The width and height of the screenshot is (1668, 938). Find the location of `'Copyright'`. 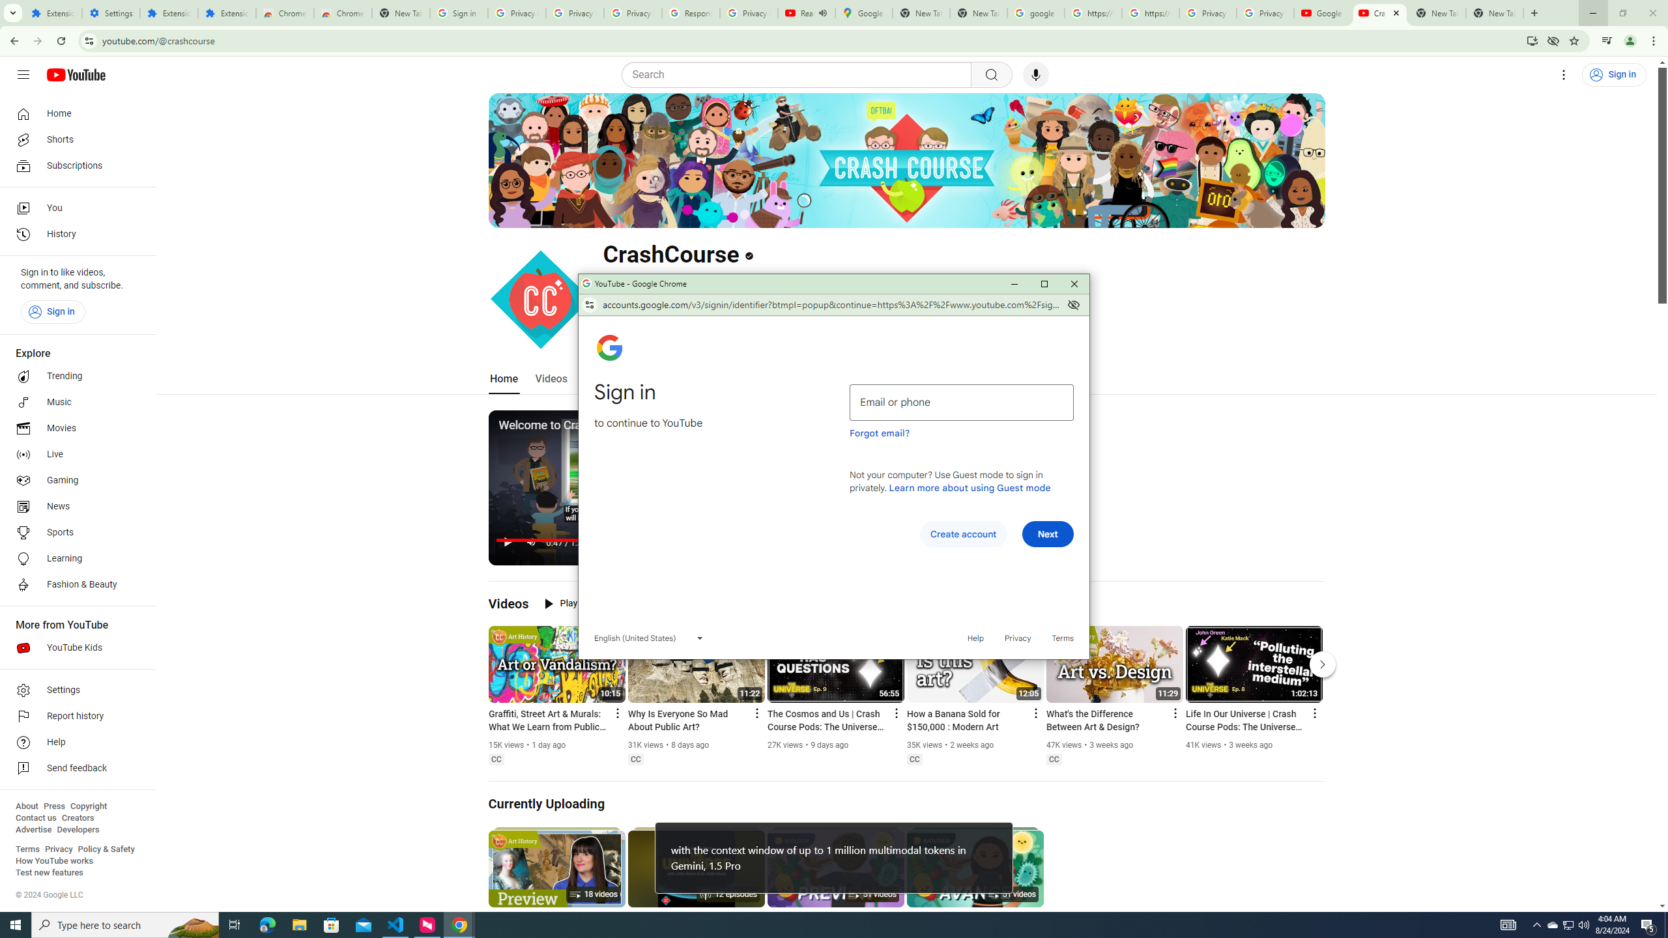

'Copyright' is located at coordinates (87, 806).